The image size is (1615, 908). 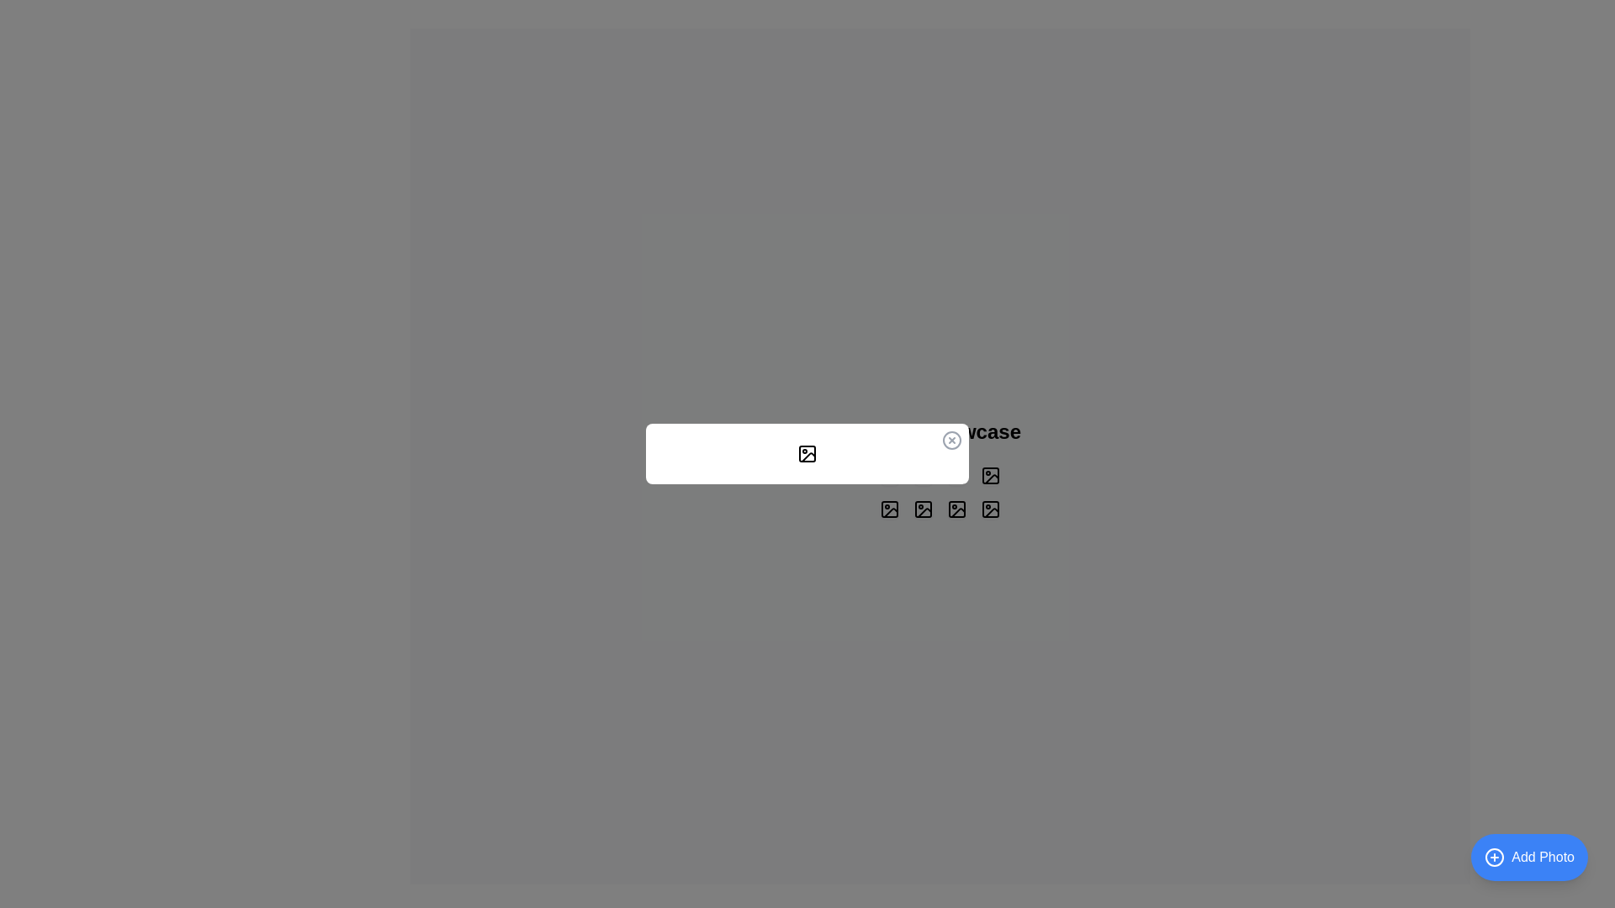 I want to click on the fourth square icon at the bottom of the interface, which has a black border and a white background, so click(x=990, y=508).